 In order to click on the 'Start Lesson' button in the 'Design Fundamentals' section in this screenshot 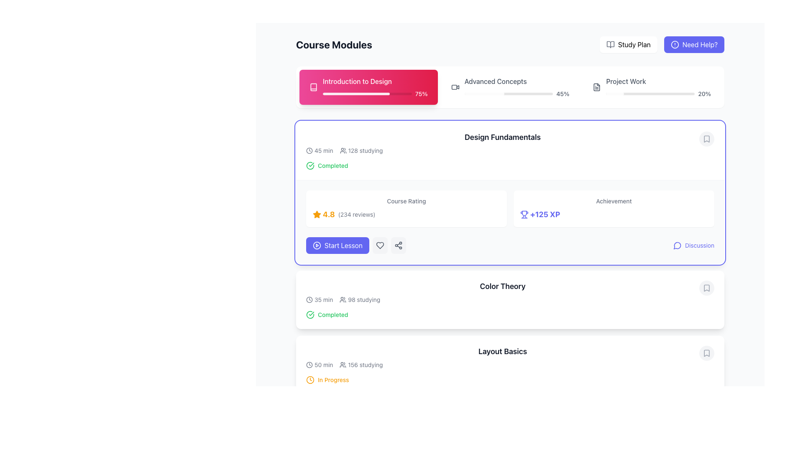, I will do `click(356, 245)`.